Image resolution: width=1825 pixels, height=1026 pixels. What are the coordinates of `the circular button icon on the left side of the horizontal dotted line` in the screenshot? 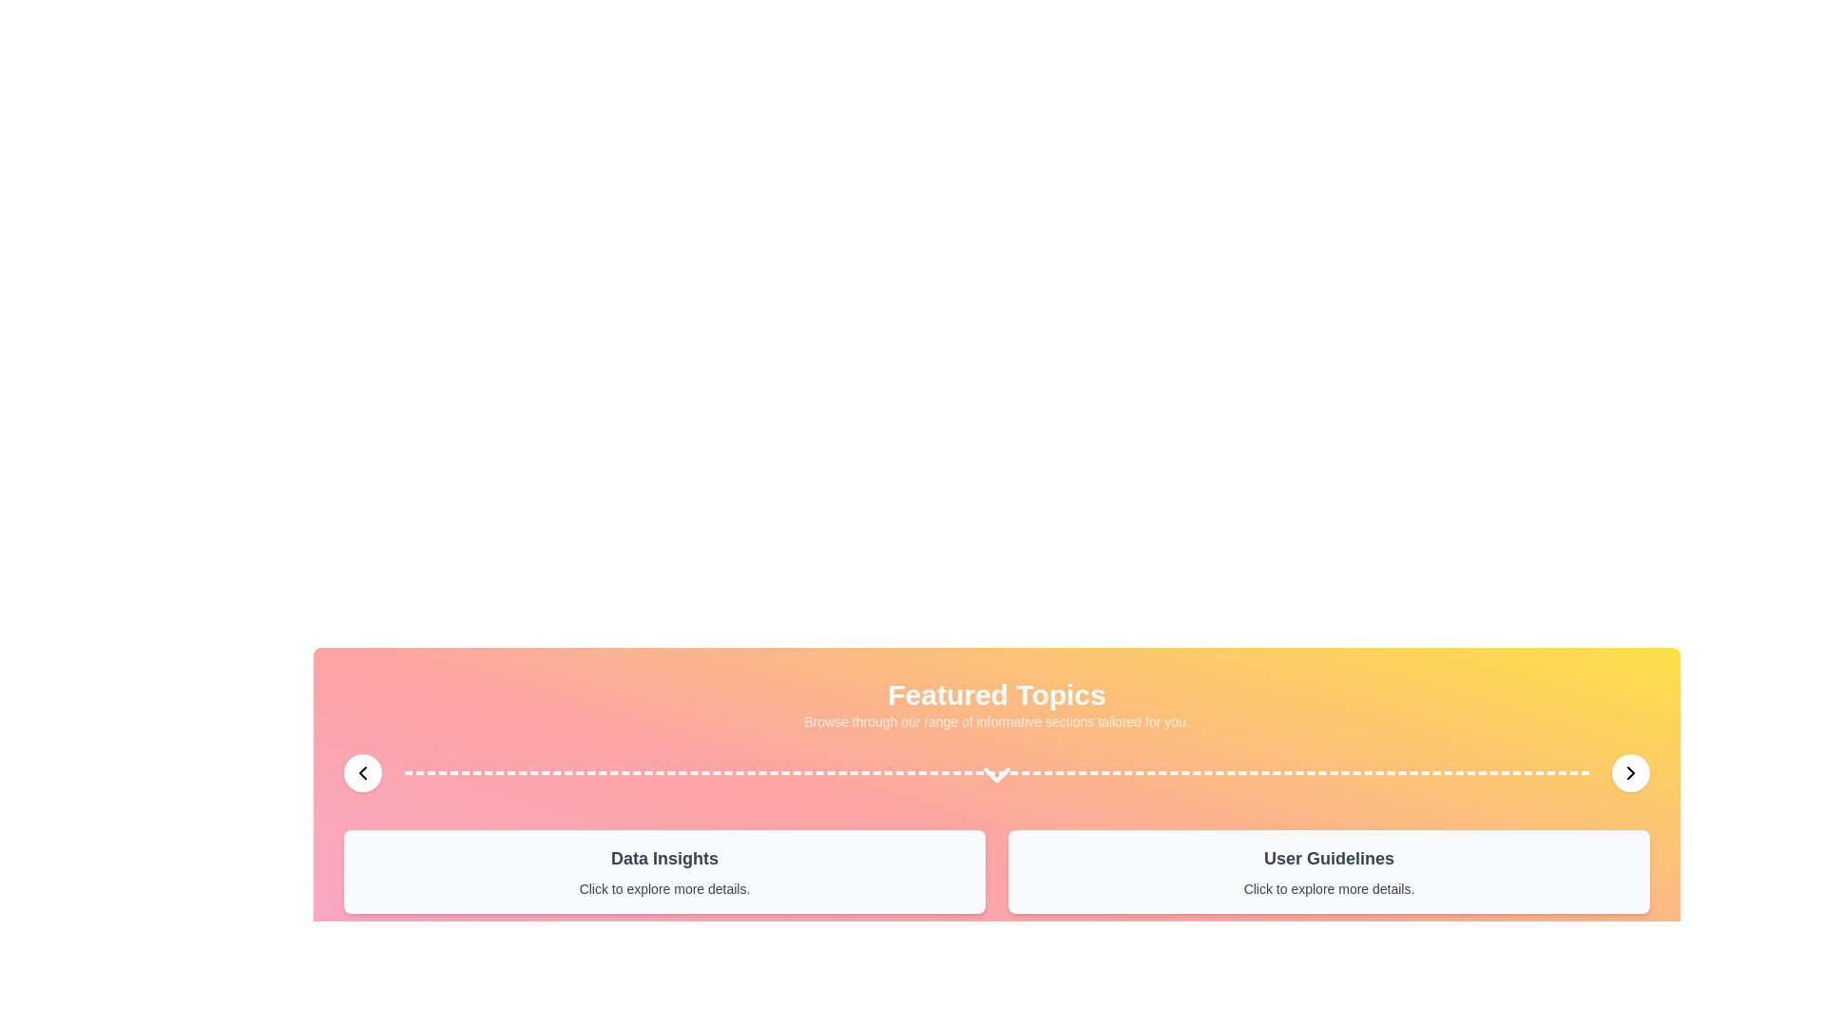 It's located at (363, 772).